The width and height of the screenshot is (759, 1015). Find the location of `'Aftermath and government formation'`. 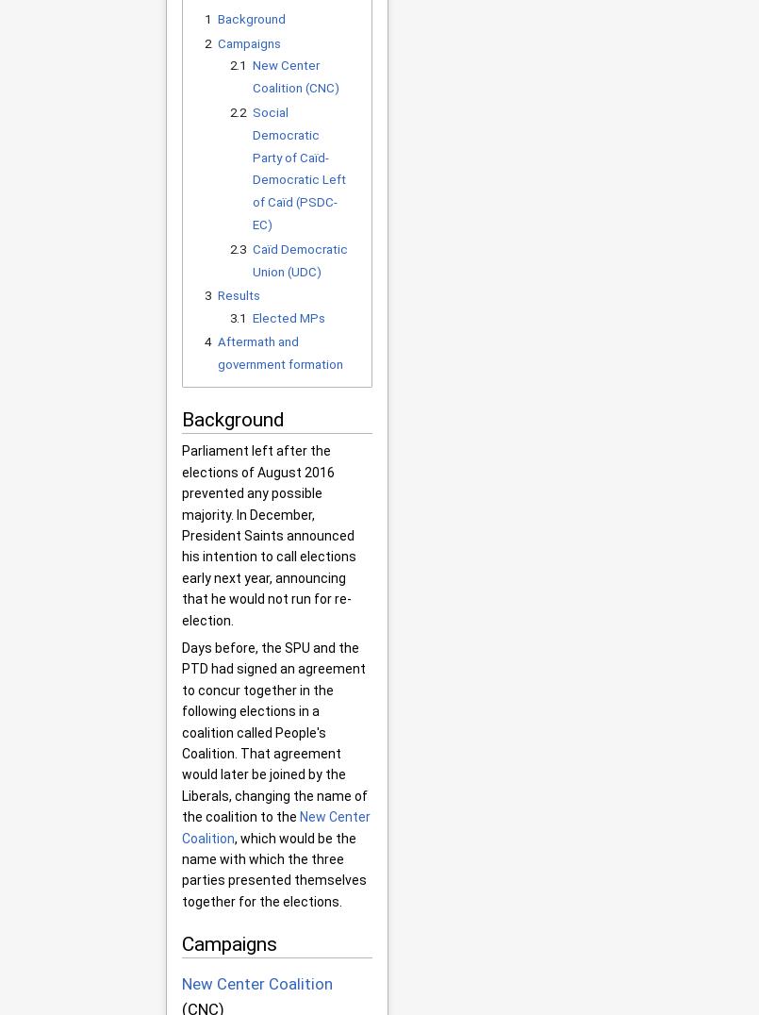

'Aftermath and government formation' is located at coordinates (278, 352).